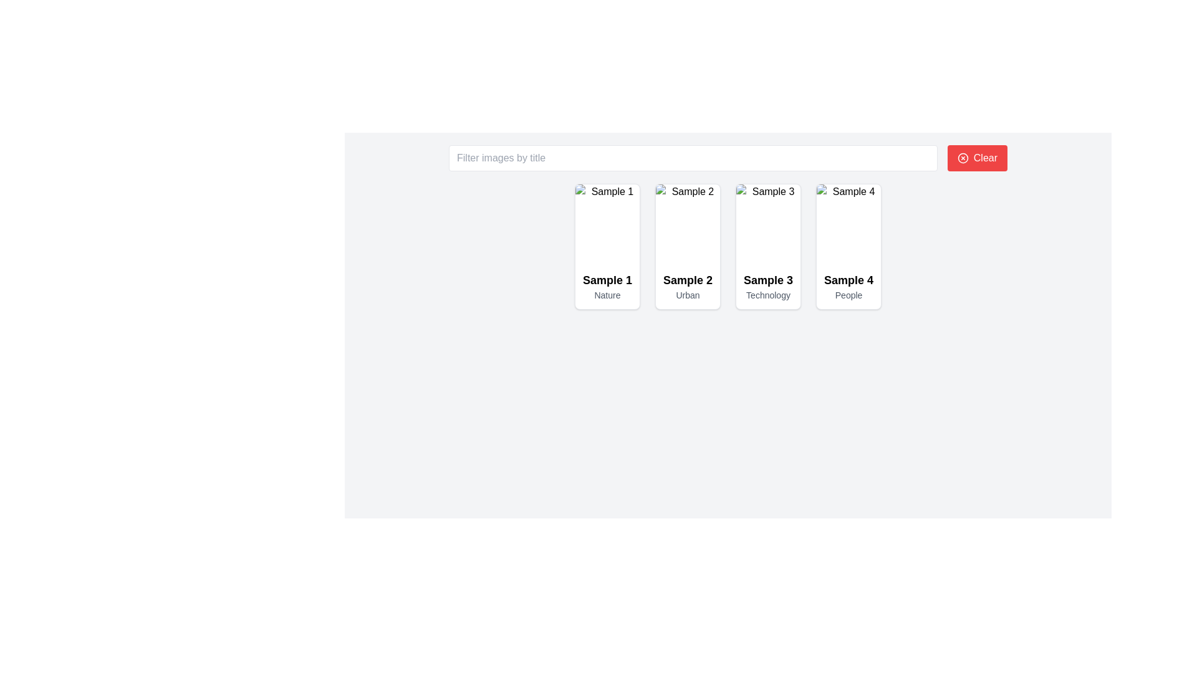 This screenshot has width=1197, height=673. What do you see at coordinates (767, 280) in the screenshot?
I see `title text 'Sample 3' located at the center of the card positioned third in a row of four cards` at bounding box center [767, 280].